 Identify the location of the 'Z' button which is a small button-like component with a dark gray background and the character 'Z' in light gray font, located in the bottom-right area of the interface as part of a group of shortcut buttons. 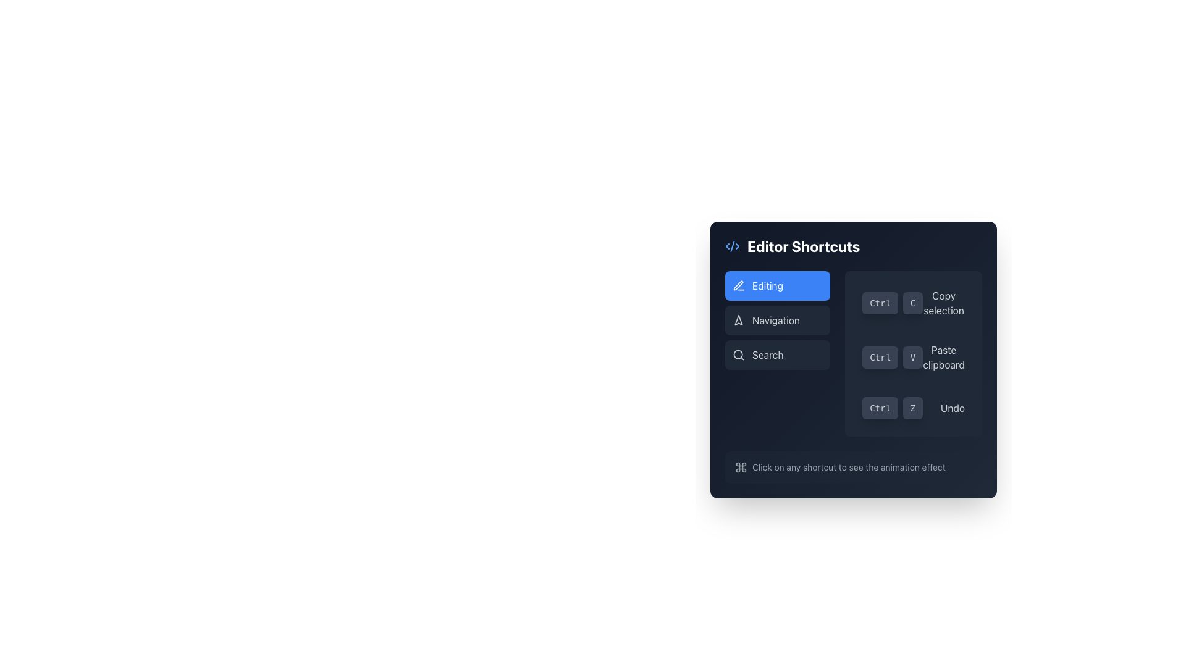
(913, 408).